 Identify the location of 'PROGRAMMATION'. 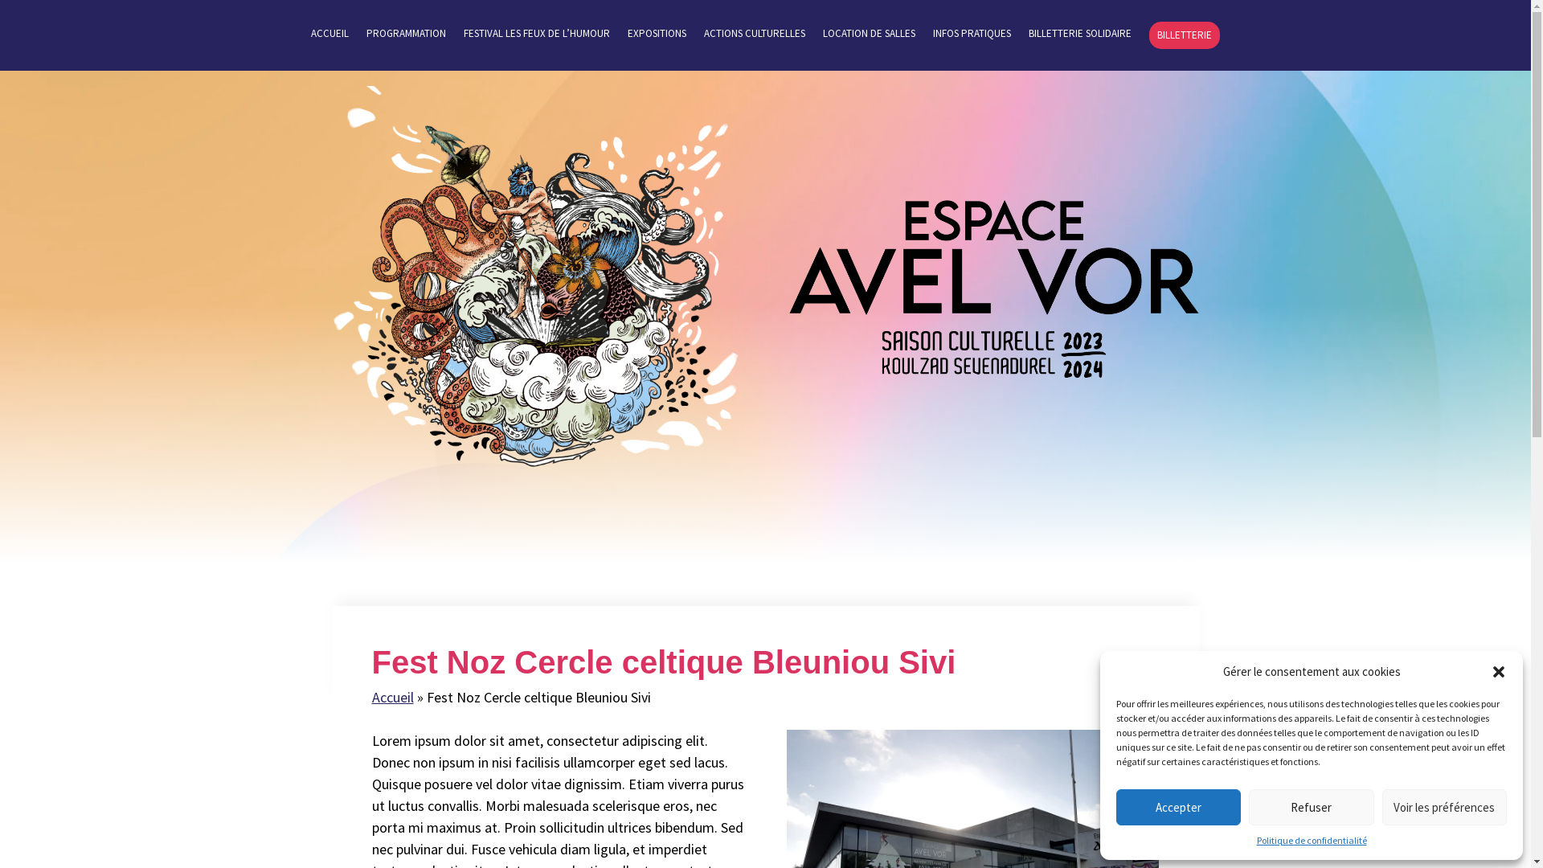
(406, 37).